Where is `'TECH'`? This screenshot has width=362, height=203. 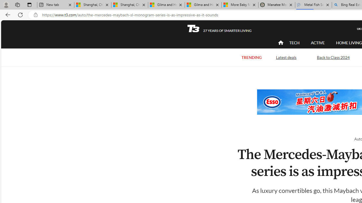 'TECH' is located at coordinates (294, 42).